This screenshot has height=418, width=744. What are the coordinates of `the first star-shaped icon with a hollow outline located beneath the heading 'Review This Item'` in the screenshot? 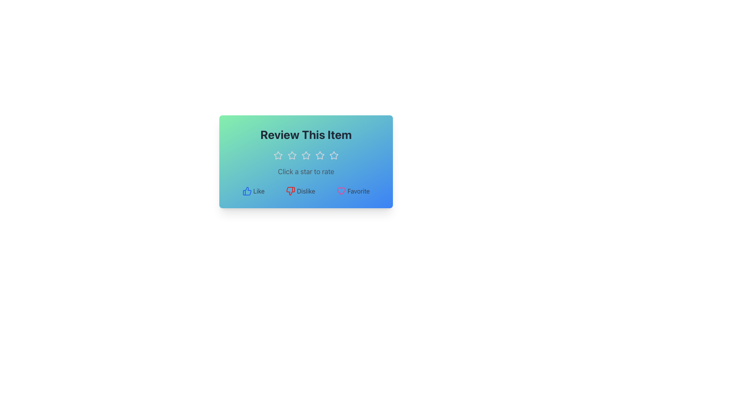 It's located at (291, 155).